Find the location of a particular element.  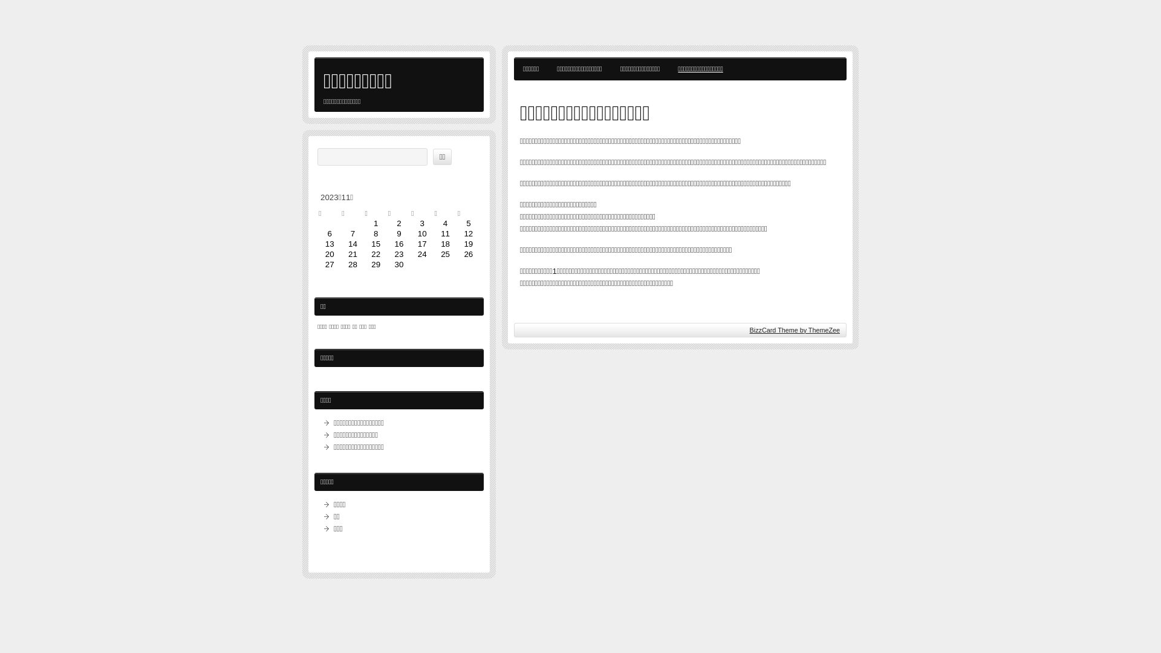

'BizzCard Theme by ThemeZee' is located at coordinates (749, 330).